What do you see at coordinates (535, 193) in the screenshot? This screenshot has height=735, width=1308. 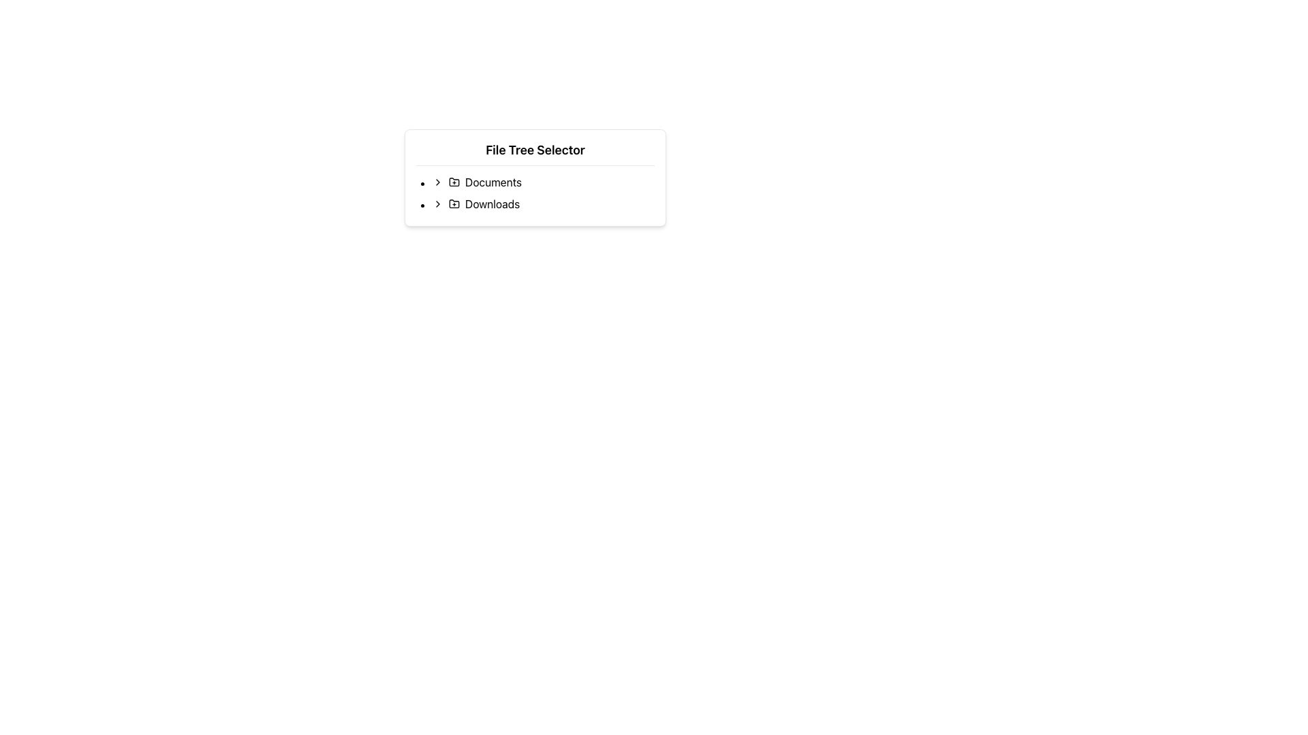 I see `the second item in the 'File Tree Selector' unordered list` at bounding box center [535, 193].